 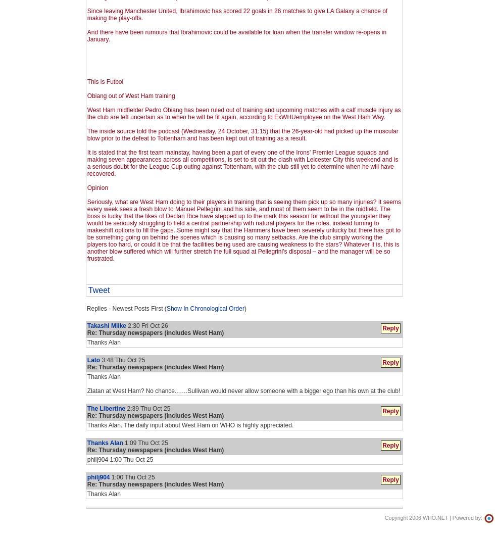 What do you see at coordinates (145, 442) in the screenshot?
I see `'1:09 Thu Oct 25'` at bounding box center [145, 442].